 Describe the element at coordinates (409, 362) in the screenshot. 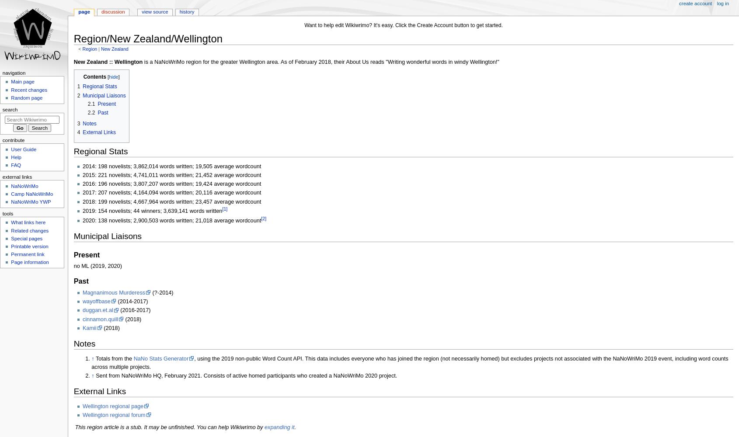

I see `', using the 2019 non-public Word Count API. This data includes everyone who has joined the region (not necessarily homed) but excludes projects not associated with the NaNoWriMo 2019 event, including word counts across multiple projects.'` at that location.